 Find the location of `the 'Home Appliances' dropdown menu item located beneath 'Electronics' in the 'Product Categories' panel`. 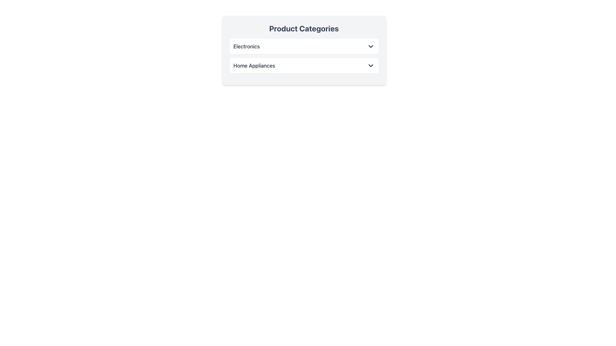

the 'Home Appliances' dropdown menu item located beneath 'Electronics' in the 'Product Categories' panel is located at coordinates (304, 65).